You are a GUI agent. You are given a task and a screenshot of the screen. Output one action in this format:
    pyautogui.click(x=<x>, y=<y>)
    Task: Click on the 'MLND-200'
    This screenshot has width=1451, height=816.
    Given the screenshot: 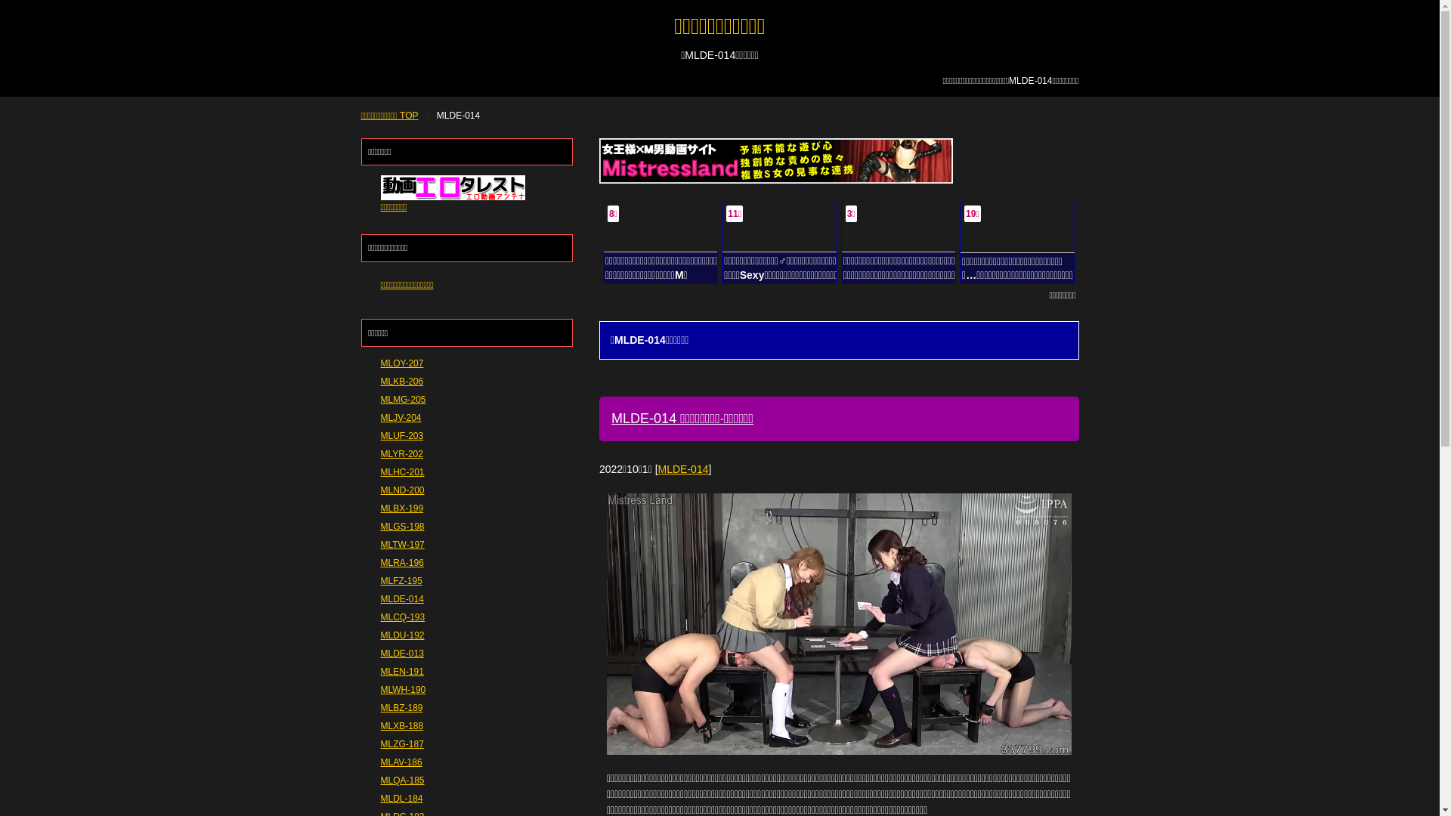 What is the action you would take?
    pyautogui.click(x=402, y=490)
    